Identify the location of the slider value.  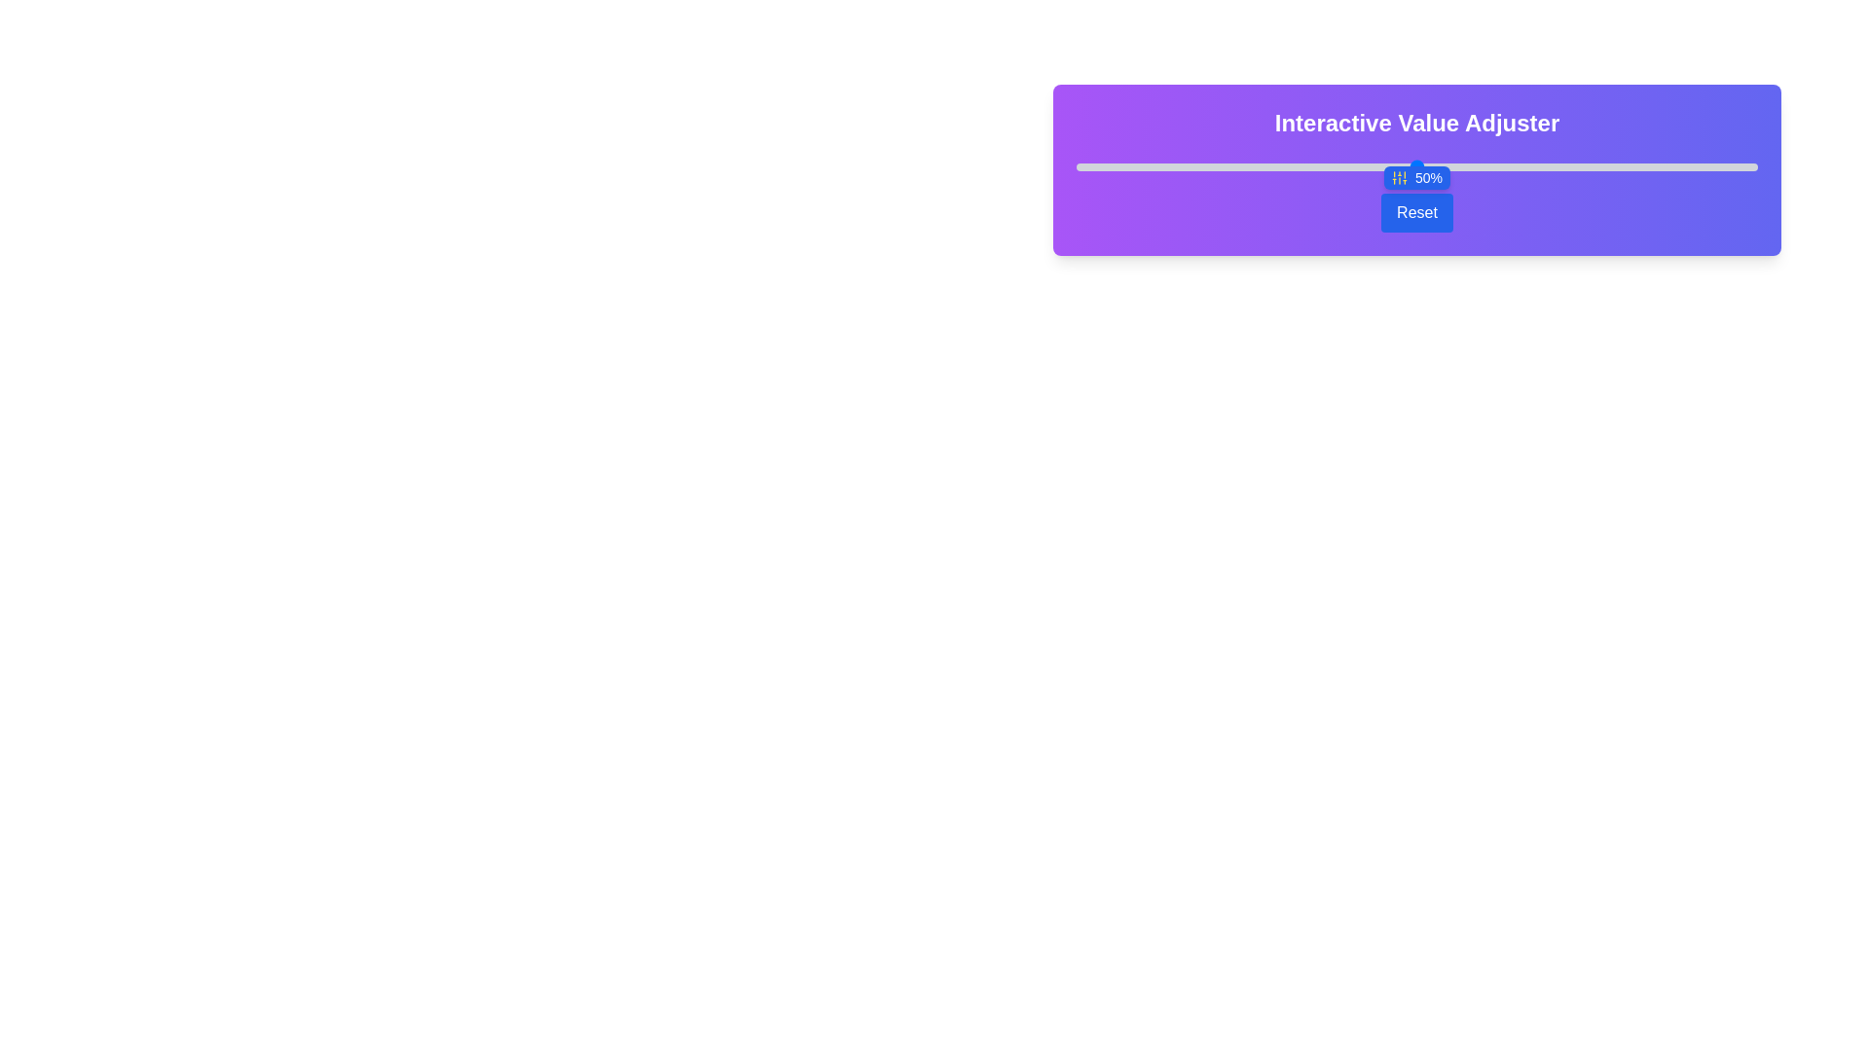
(1164, 166).